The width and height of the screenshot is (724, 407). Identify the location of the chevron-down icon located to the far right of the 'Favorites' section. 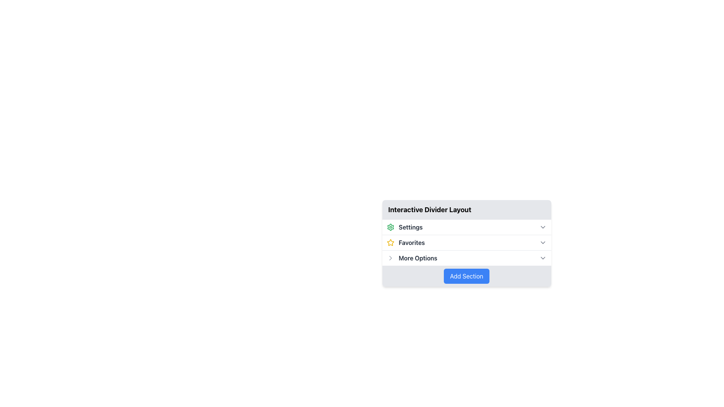
(542, 243).